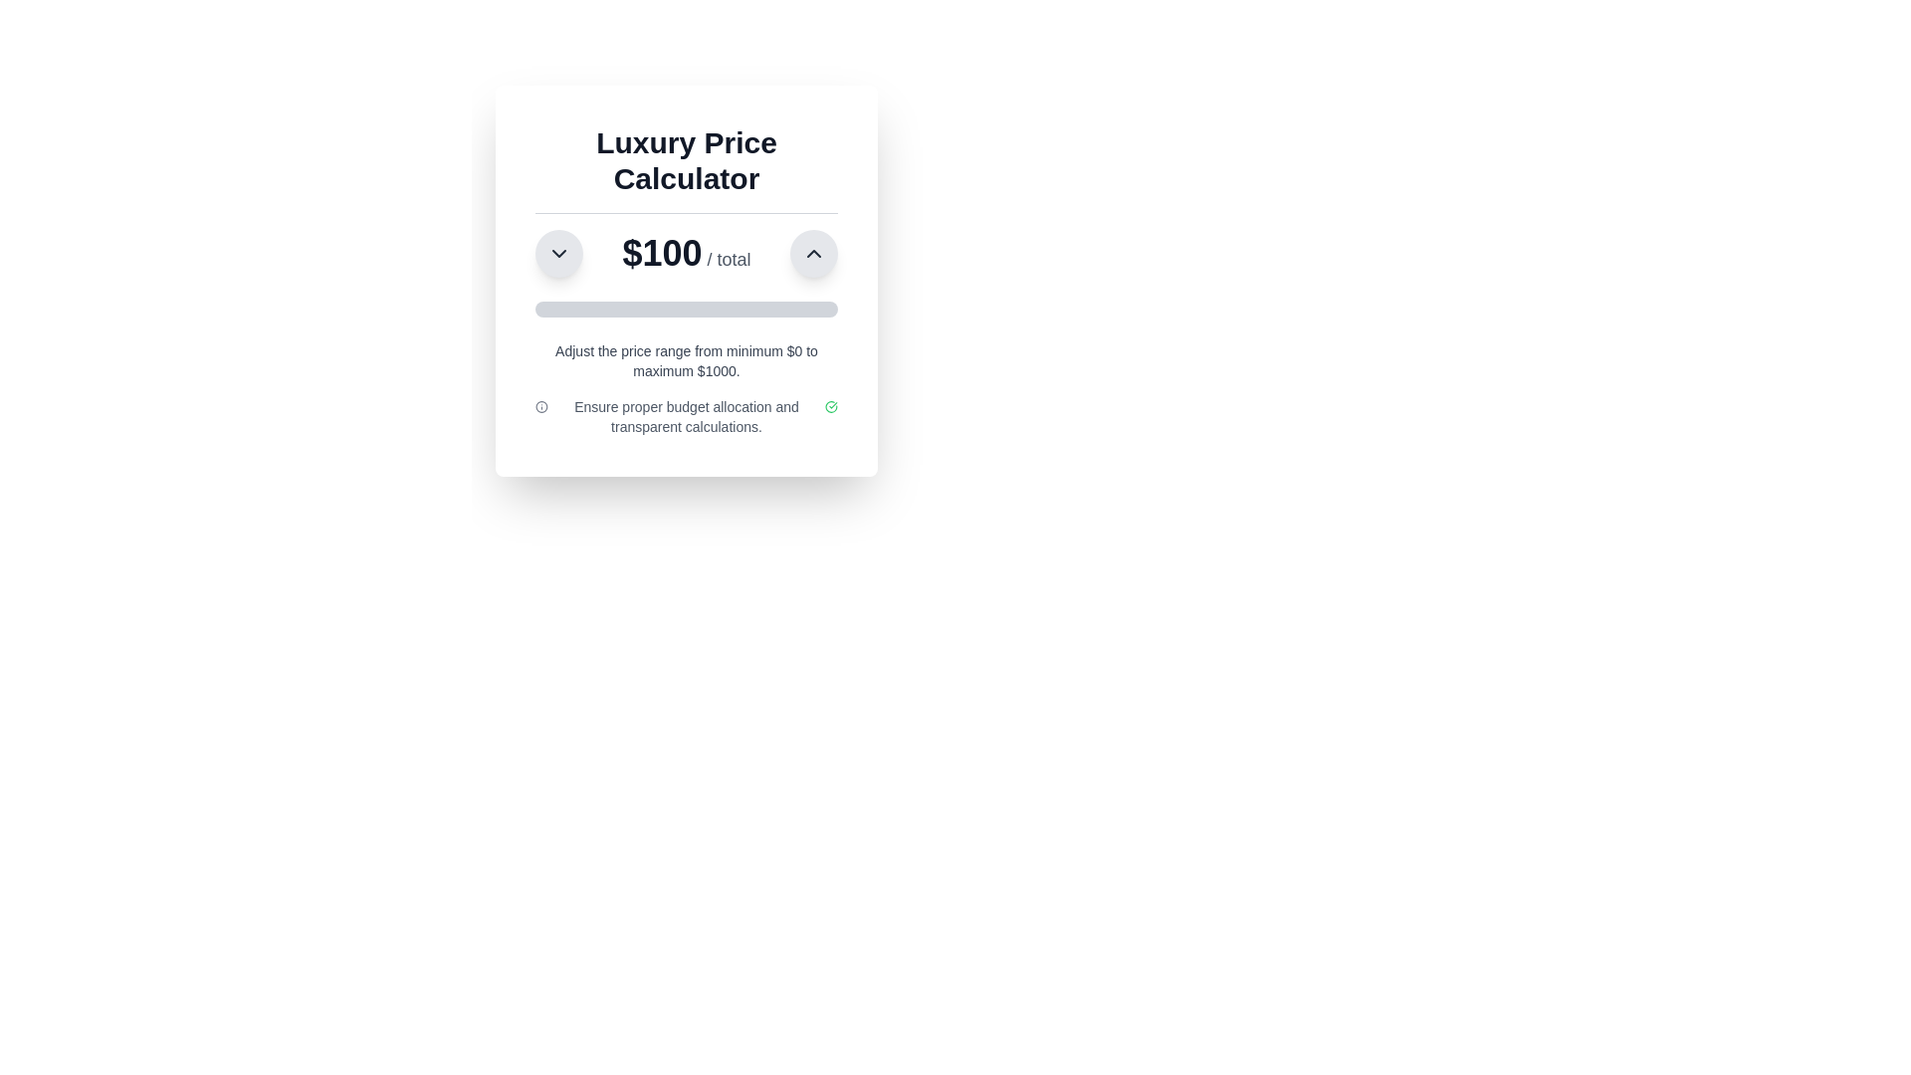 The image size is (1911, 1075). What do you see at coordinates (831, 405) in the screenshot?
I see `the green circular icon with a checkmark, positioned to the far right of the text 'Ensure proper budget allocation and transparent calculations'` at bounding box center [831, 405].